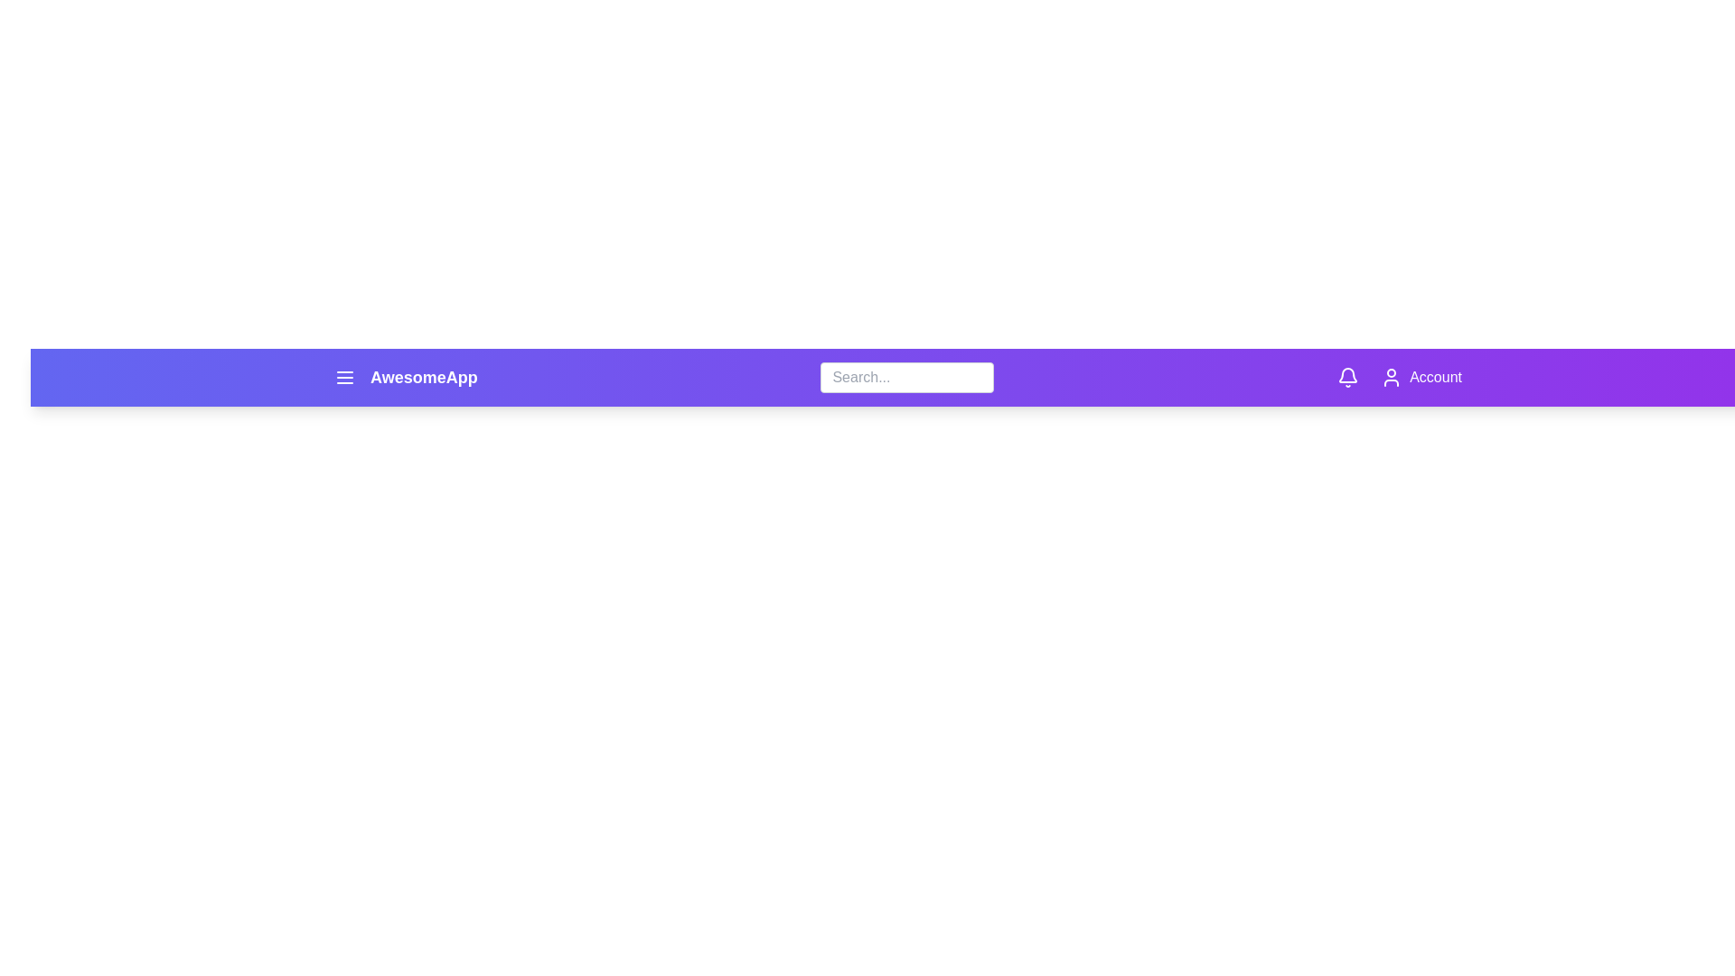 Image resolution: width=1735 pixels, height=976 pixels. What do you see at coordinates (345, 376) in the screenshot?
I see `the menu button to open the menu` at bounding box center [345, 376].